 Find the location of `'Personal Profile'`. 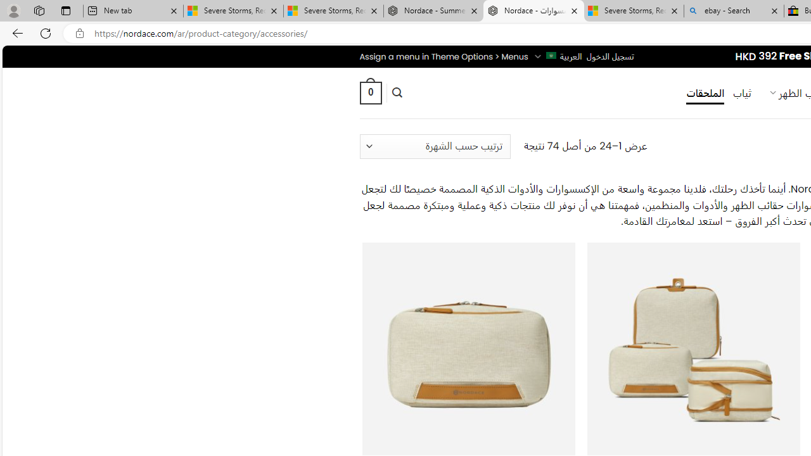

'Personal Profile' is located at coordinates (13, 10).